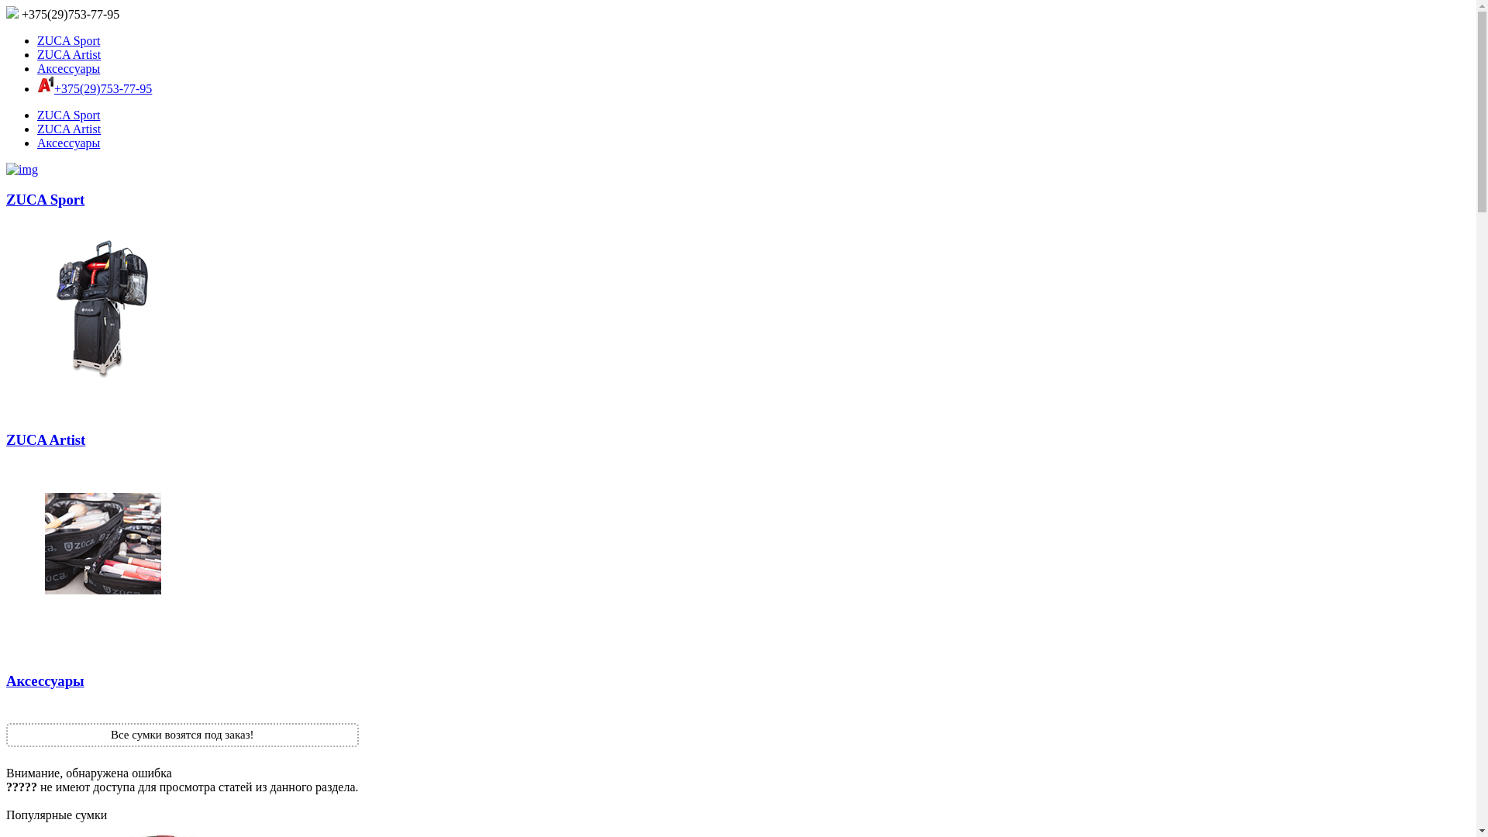 This screenshot has width=1488, height=837. Describe the element at coordinates (37, 53) in the screenshot. I see `'ZUCA Artist'` at that location.